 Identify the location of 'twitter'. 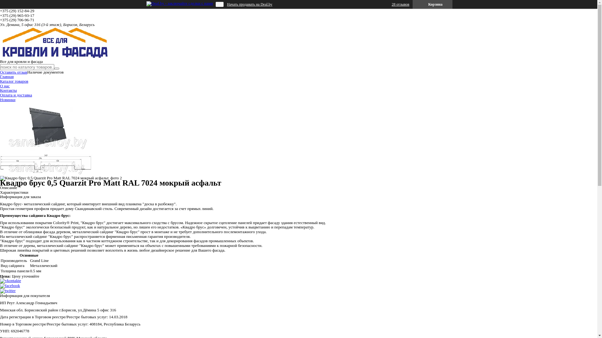
(8, 290).